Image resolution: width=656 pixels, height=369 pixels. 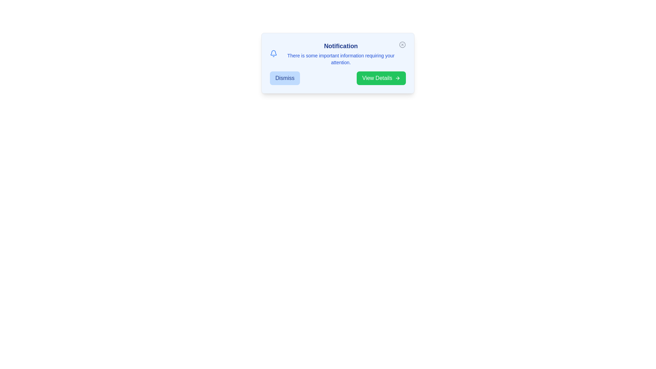 I want to click on 'Dismiss' button to dismiss the alert, so click(x=285, y=78).